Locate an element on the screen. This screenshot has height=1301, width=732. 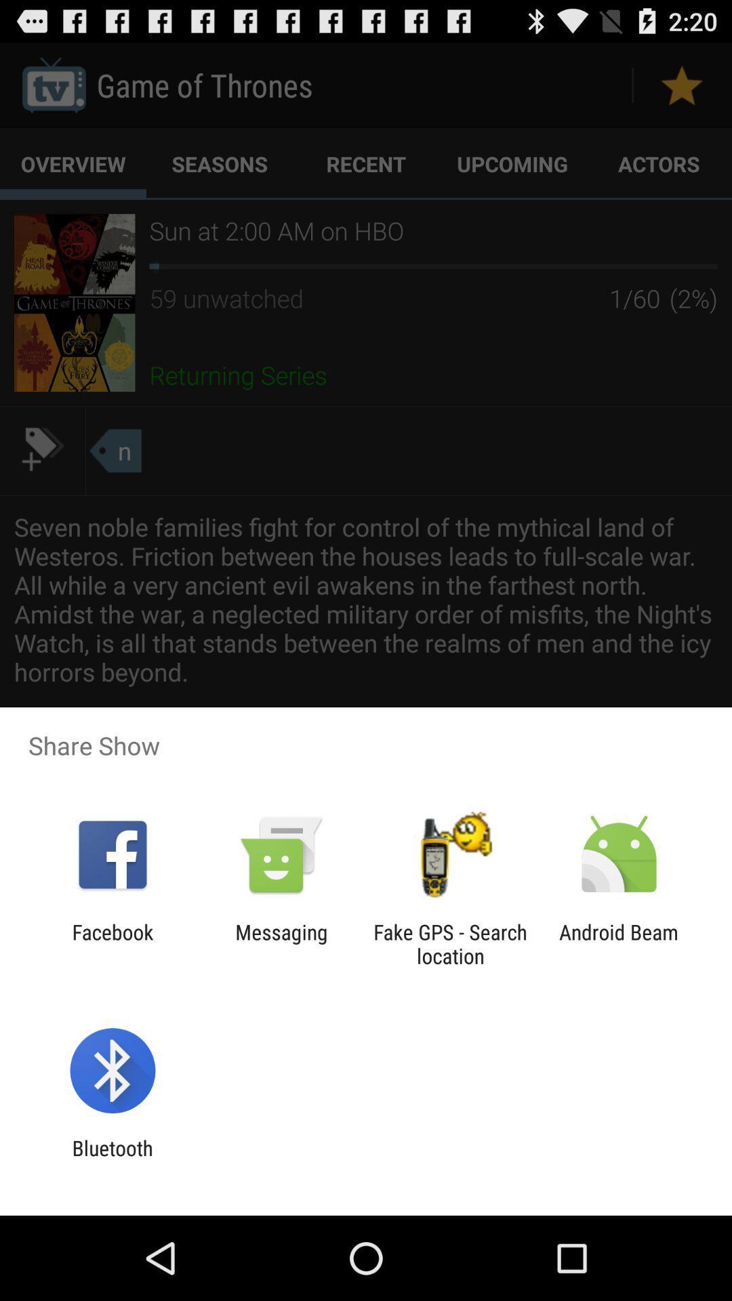
the item to the left of the fake gps search icon is located at coordinates (281, 943).